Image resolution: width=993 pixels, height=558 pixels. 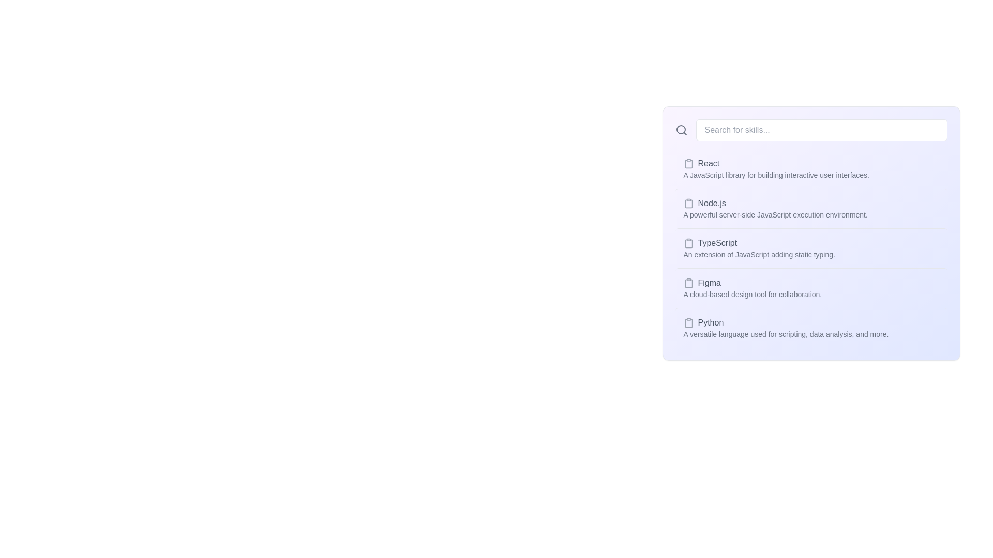 I want to click on to select the topmost card in the skill list that describes the skill or topic 'React', so click(x=810, y=168).